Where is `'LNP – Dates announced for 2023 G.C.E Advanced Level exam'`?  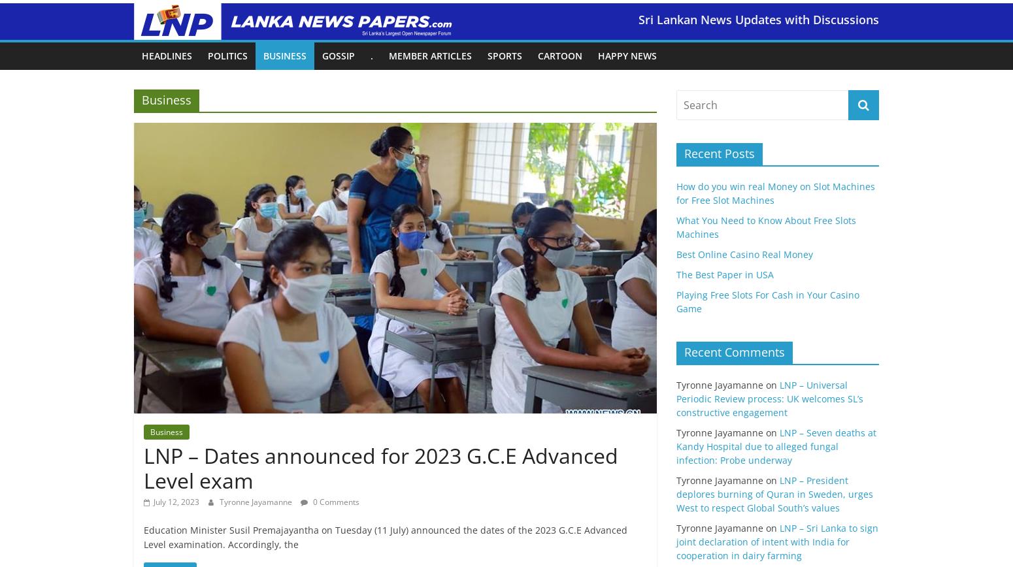
'LNP – Dates announced for 2023 G.C.E Advanced Level exam' is located at coordinates (380, 467).